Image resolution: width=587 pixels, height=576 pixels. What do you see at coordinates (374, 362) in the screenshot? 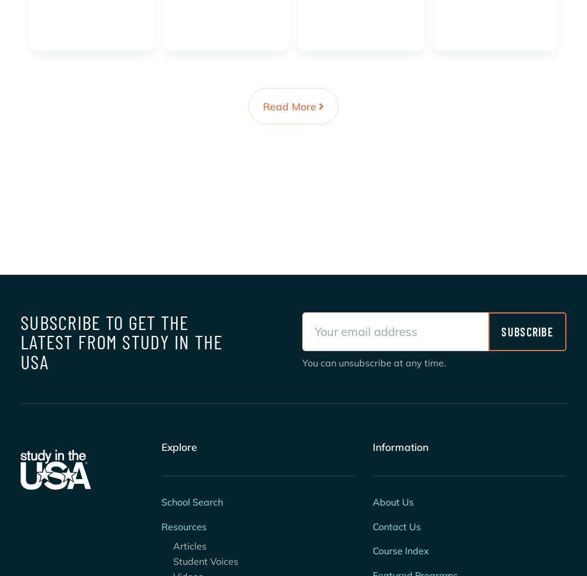
I see `'You can unsubscribe at any time.'` at bounding box center [374, 362].